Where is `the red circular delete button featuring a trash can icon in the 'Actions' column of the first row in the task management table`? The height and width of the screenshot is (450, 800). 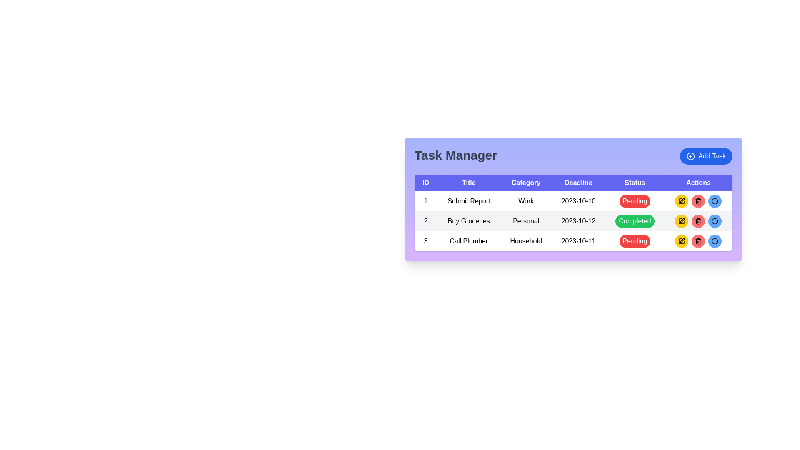
the red circular delete button featuring a trash can icon in the 'Actions' column of the first row in the task management table is located at coordinates (698, 201).